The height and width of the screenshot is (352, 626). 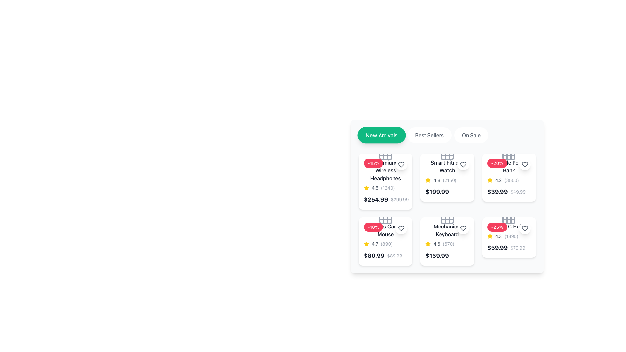 I want to click on the heart-shaped icon located in the top-right corner of the product card, so click(x=401, y=164).